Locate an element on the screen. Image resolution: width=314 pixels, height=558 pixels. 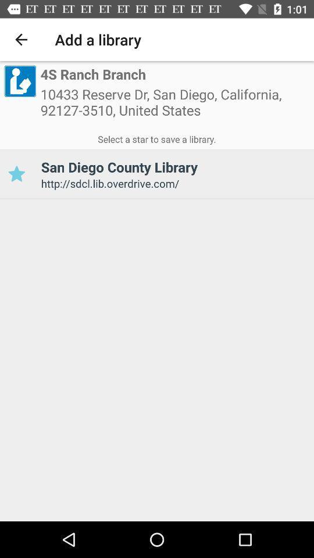
a library is located at coordinates (16, 173).